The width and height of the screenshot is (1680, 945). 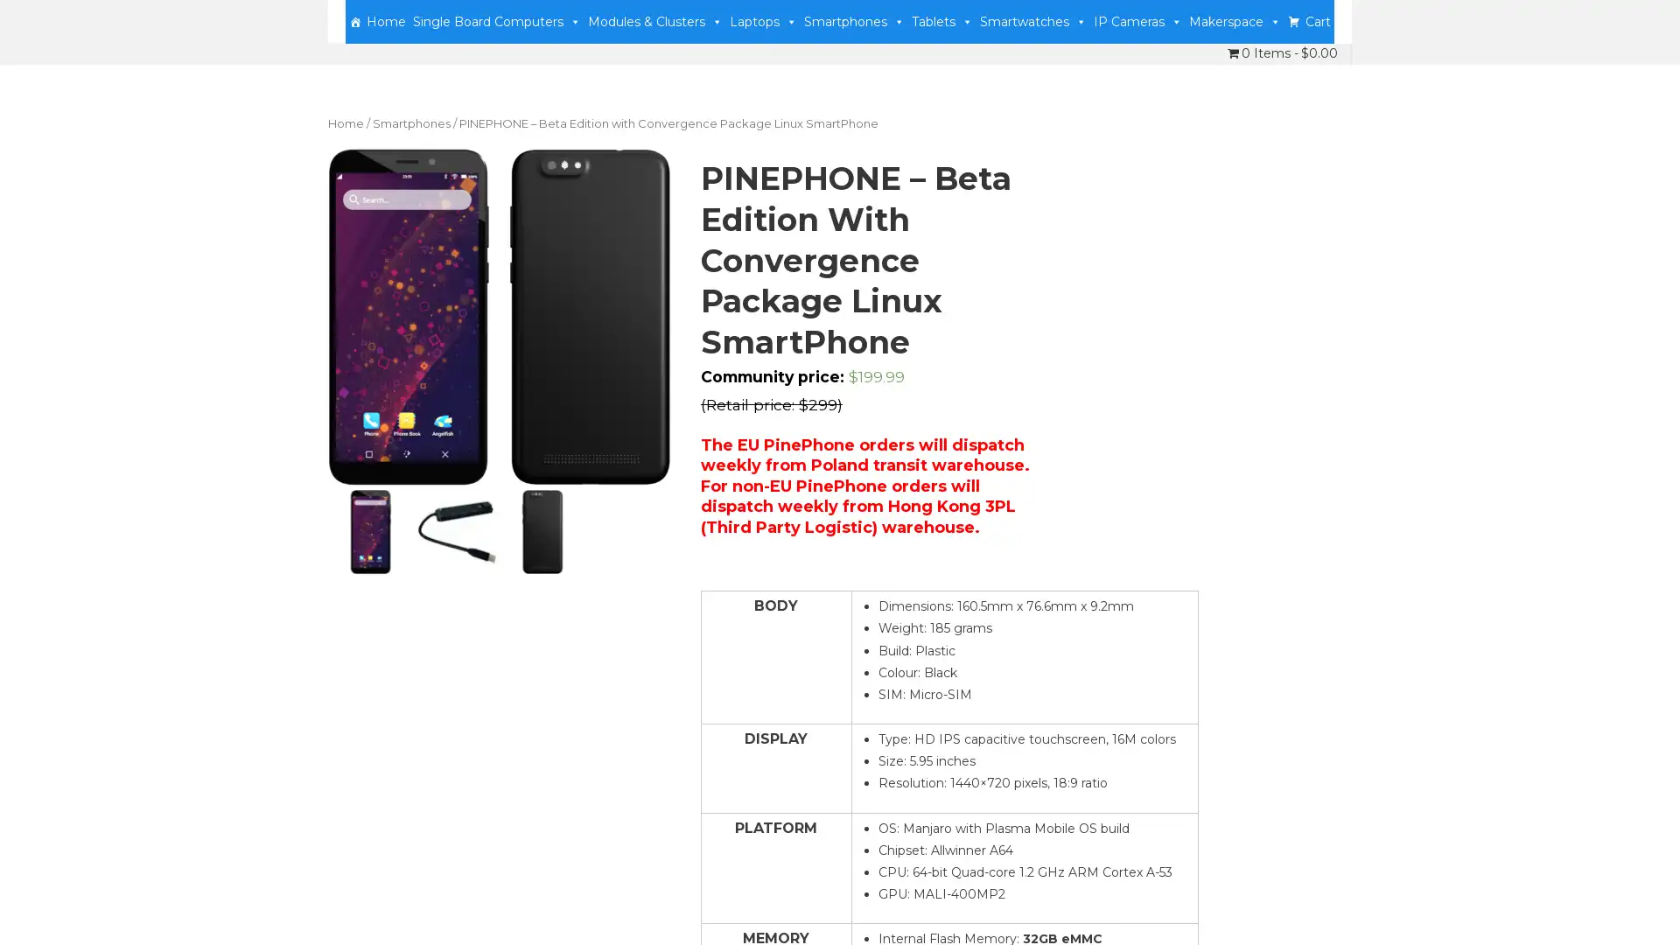 I want to click on Accept, so click(x=1108, y=918).